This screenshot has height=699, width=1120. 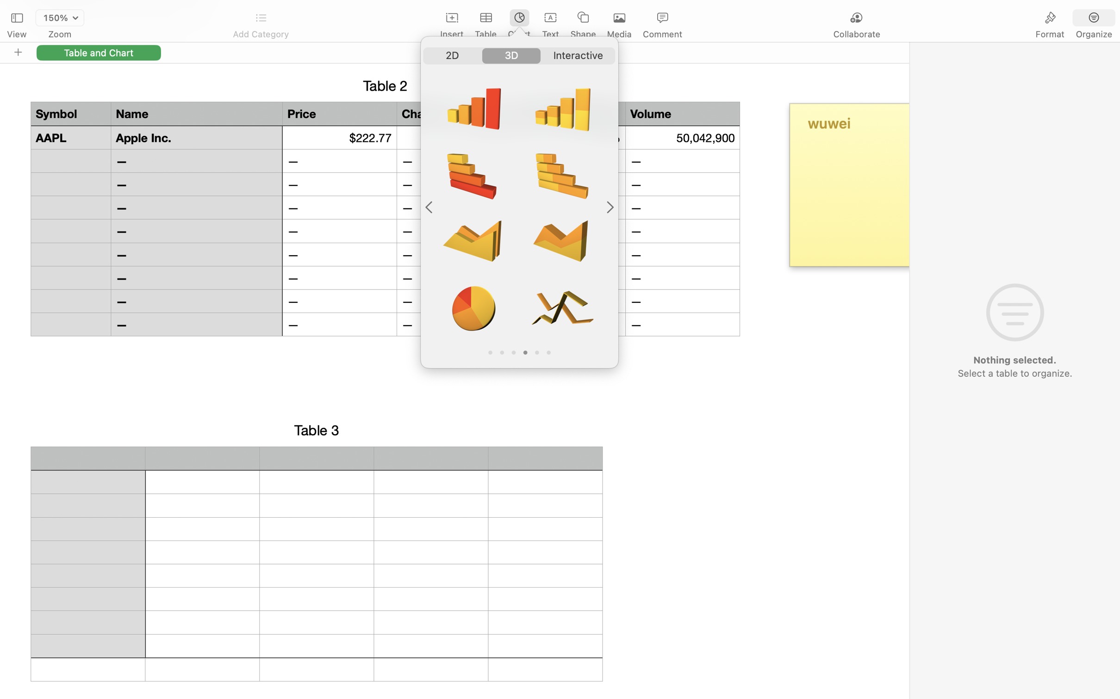 I want to click on 'Nothing selected.', so click(x=1014, y=360).